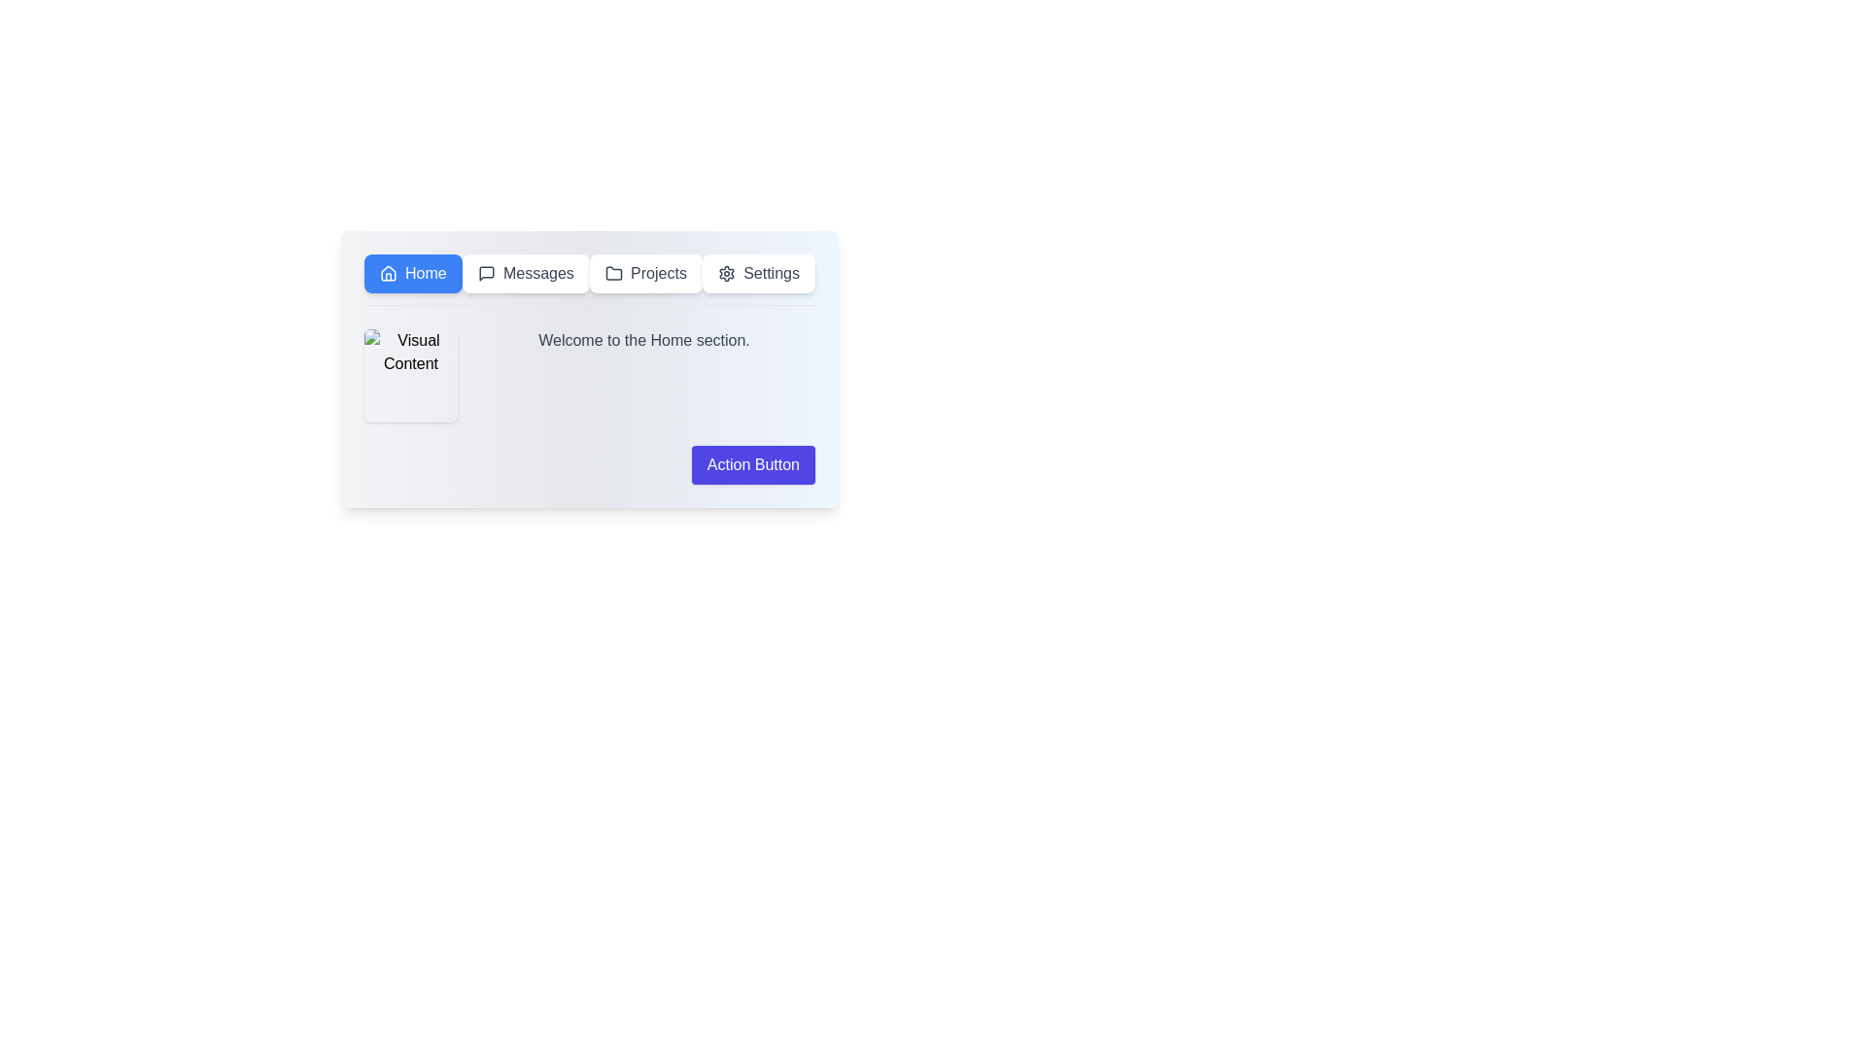 This screenshot has width=1866, height=1049. What do you see at coordinates (388, 273) in the screenshot?
I see `the house-shaped icon located on the left side of the 'Home' button in the top-left area of the interface` at bounding box center [388, 273].